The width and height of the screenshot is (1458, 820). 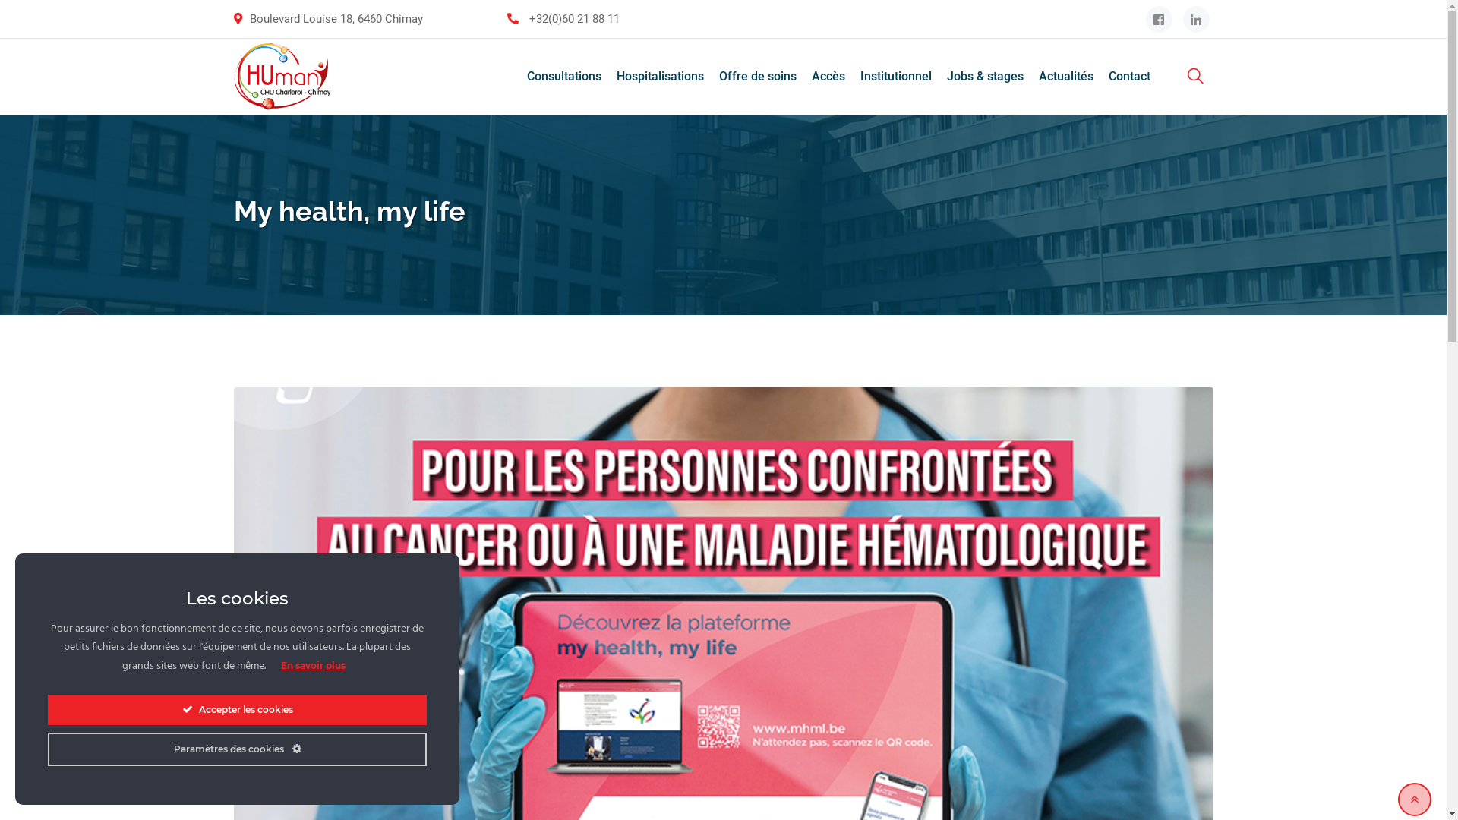 What do you see at coordinates (1129, 76) in the screenshot?
I see `'Contact'` at bounding box center [1129, 76].